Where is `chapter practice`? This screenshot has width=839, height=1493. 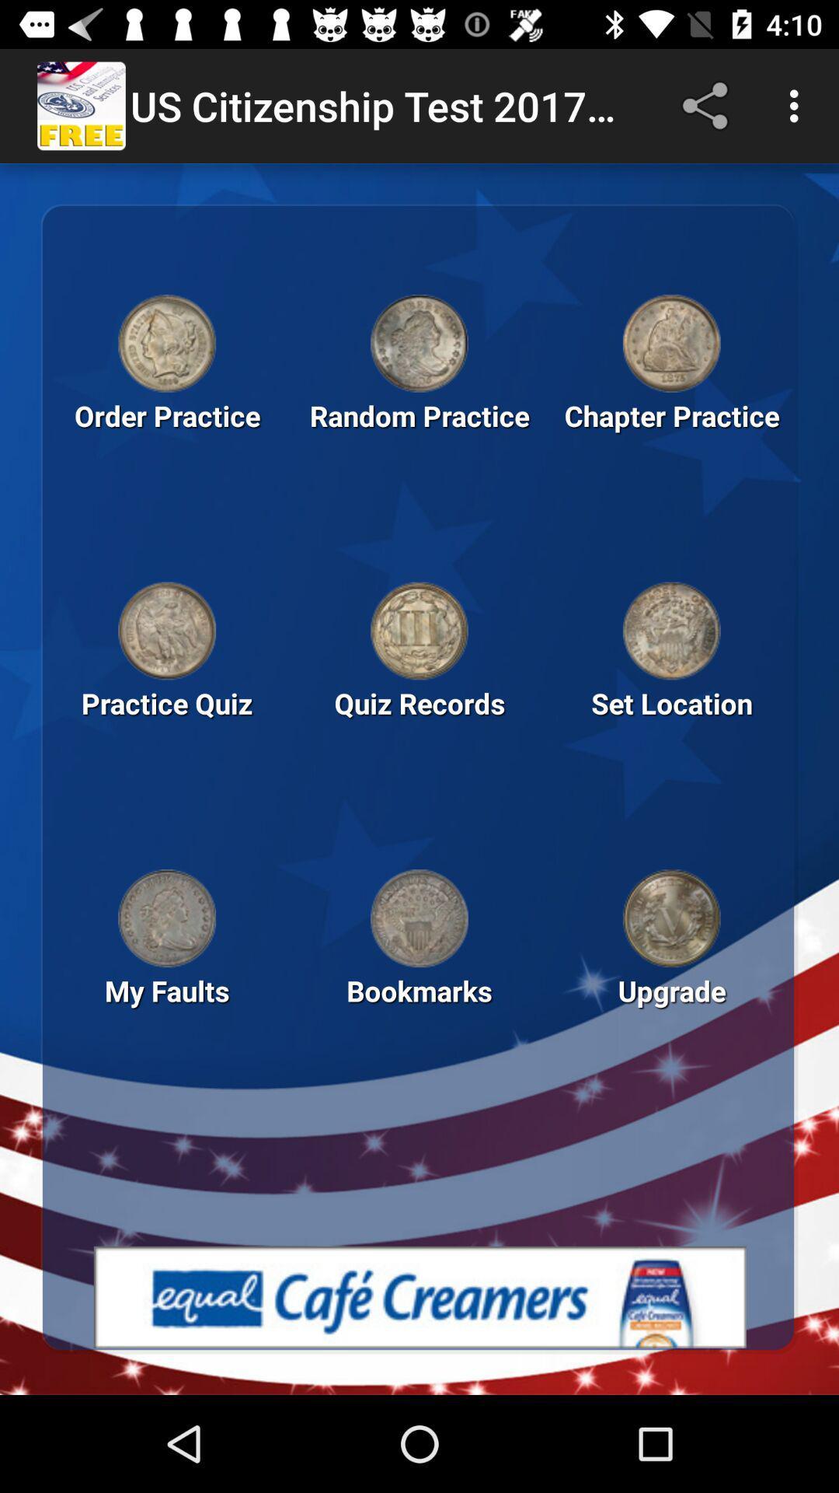
chapter practice is located at coordinates (670, 342).